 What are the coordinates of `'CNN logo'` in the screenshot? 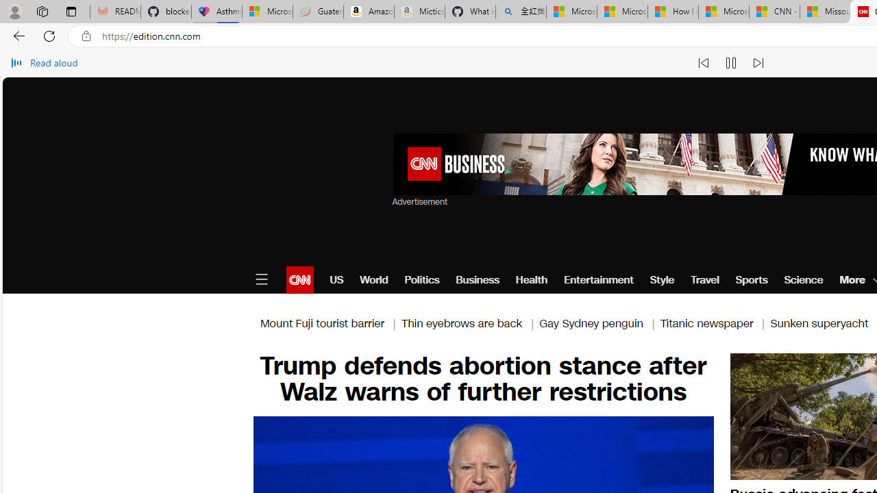 It's located at (299, 279).